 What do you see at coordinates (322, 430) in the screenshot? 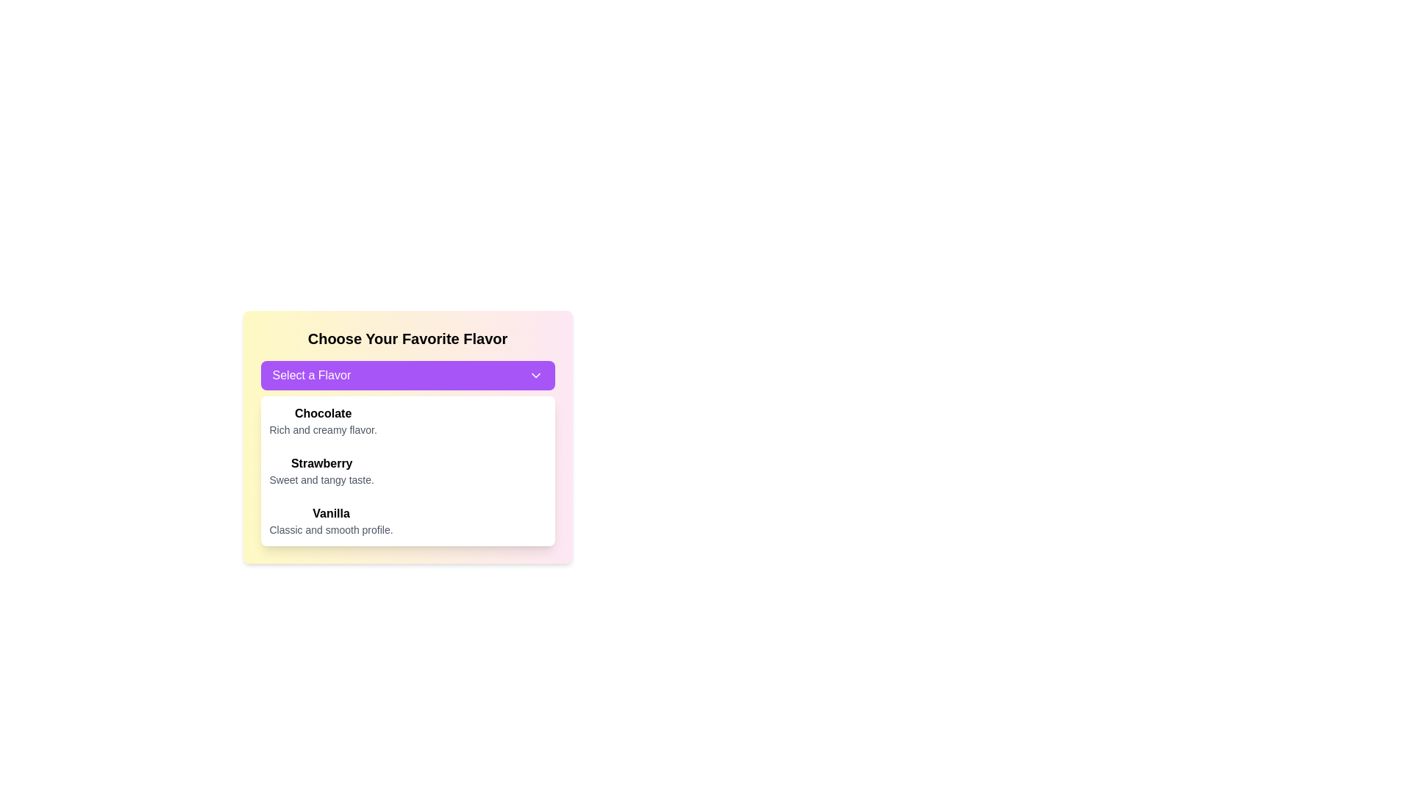
I see `the informational text block describing the flavor 'Chocolate', which is located in the dropdown menu under 'Choose Your Favorite Flavor'` at bounding box center [322, 430].